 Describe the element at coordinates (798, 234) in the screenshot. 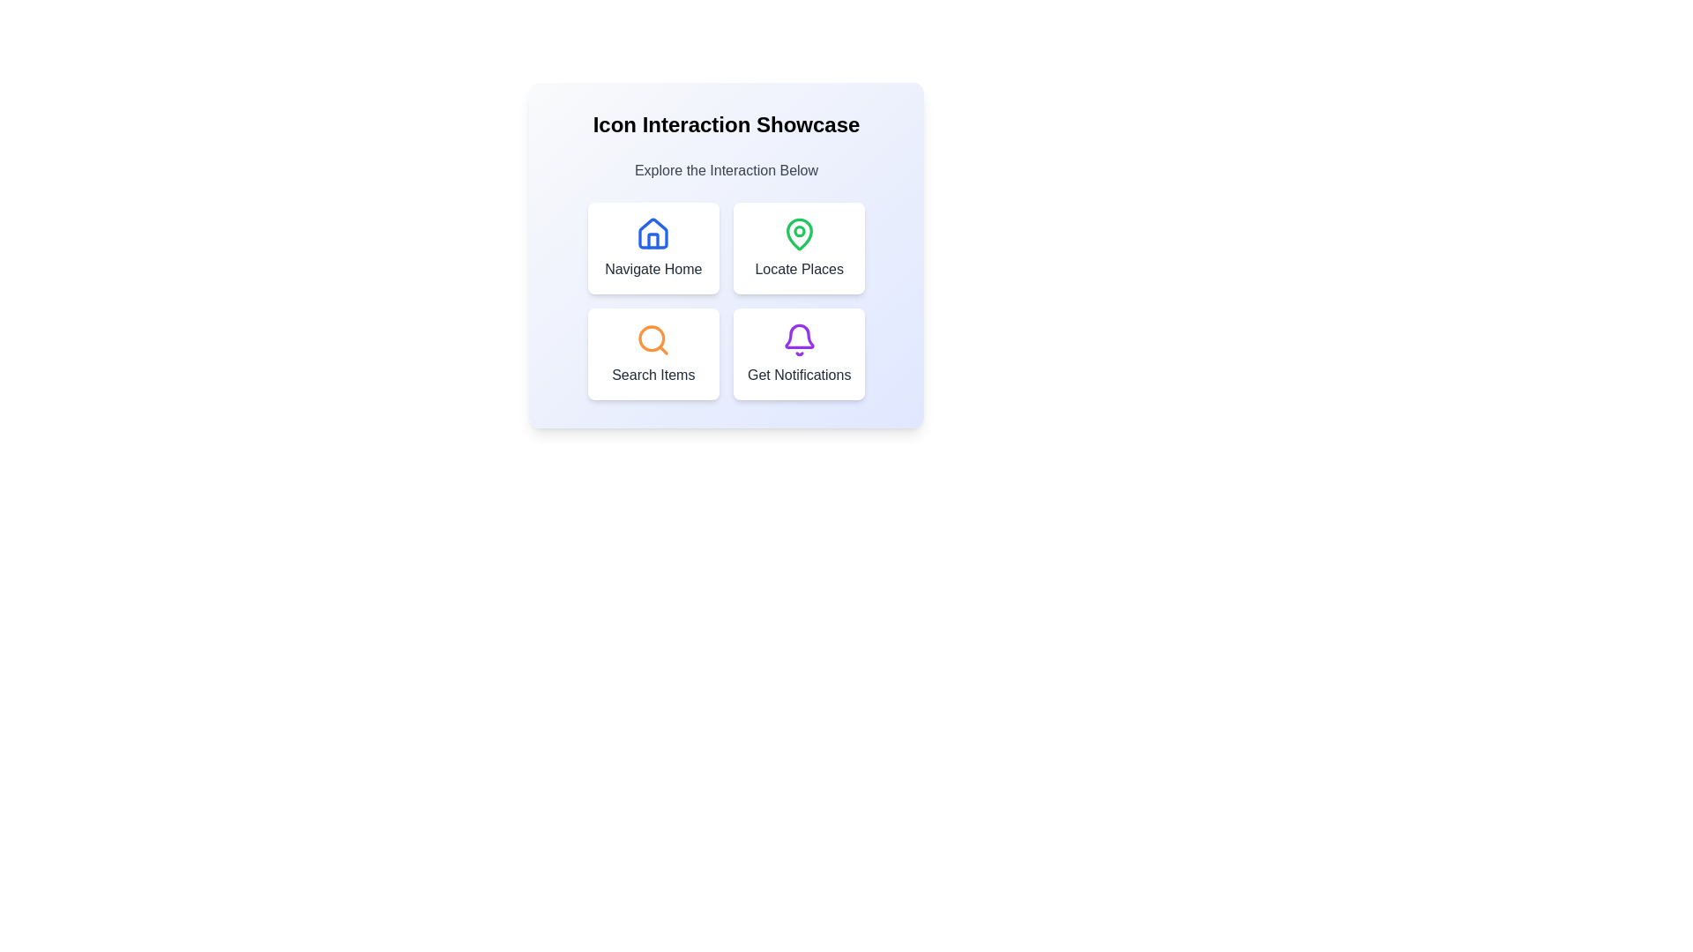

I see `the green map pin icon, which is the second item in the top row of a 2x2 grid layout, located to the right of the blue house icon and above the orange magnifying glass icon` at that location.